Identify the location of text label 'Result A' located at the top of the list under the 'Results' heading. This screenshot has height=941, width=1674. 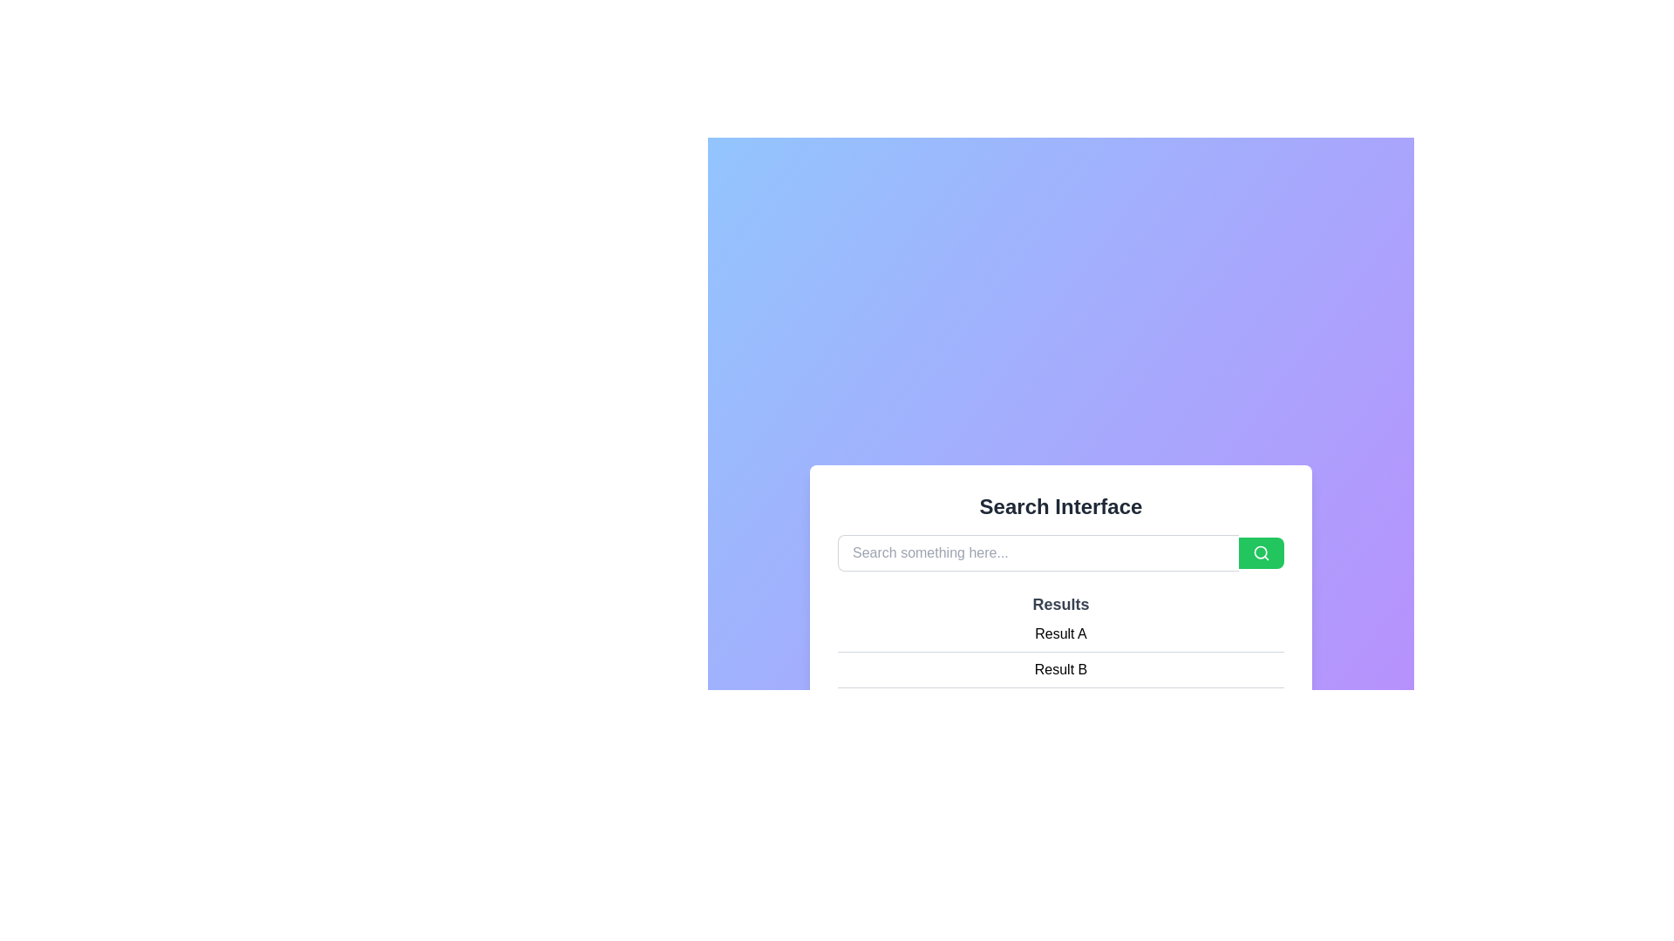
(1060, 634).